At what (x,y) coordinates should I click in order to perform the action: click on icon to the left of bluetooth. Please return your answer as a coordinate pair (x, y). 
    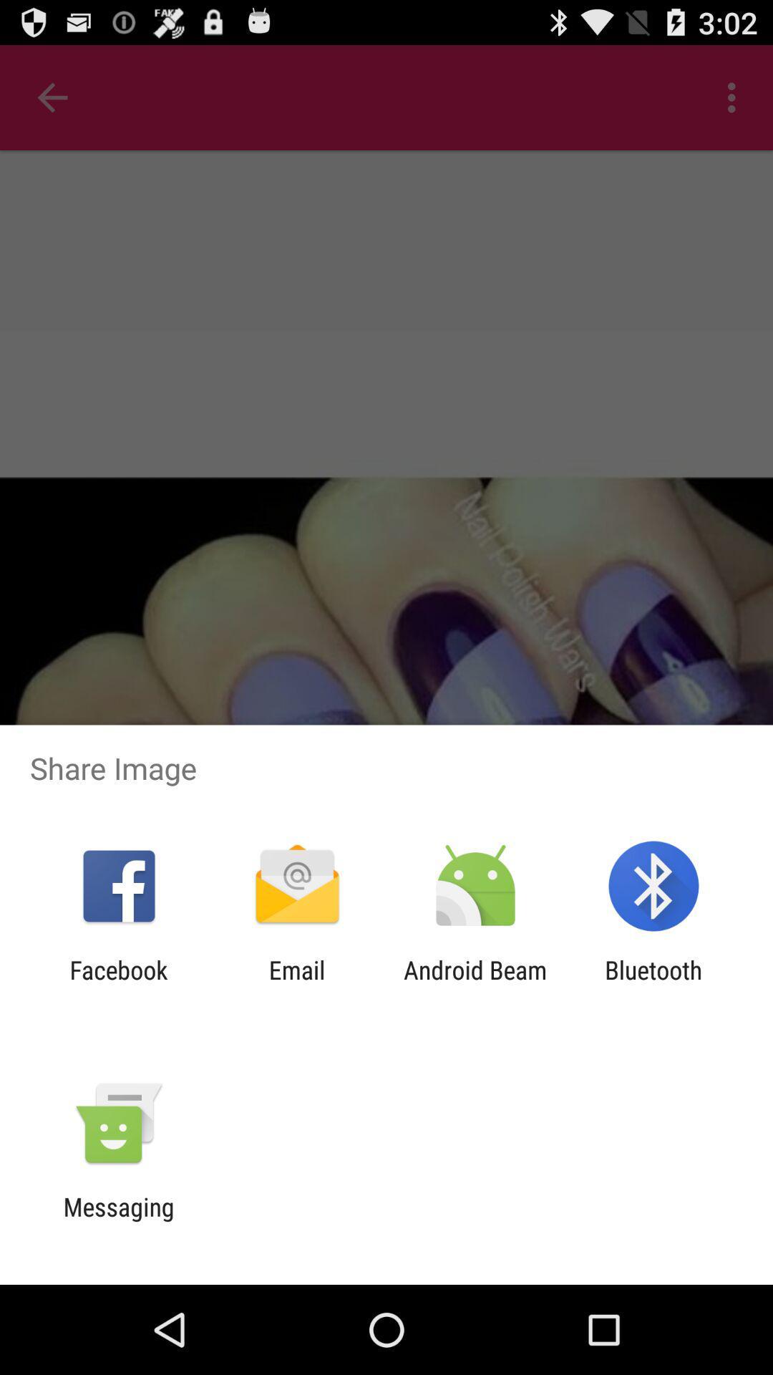
    Looking at the image, I should click on (475, 984).